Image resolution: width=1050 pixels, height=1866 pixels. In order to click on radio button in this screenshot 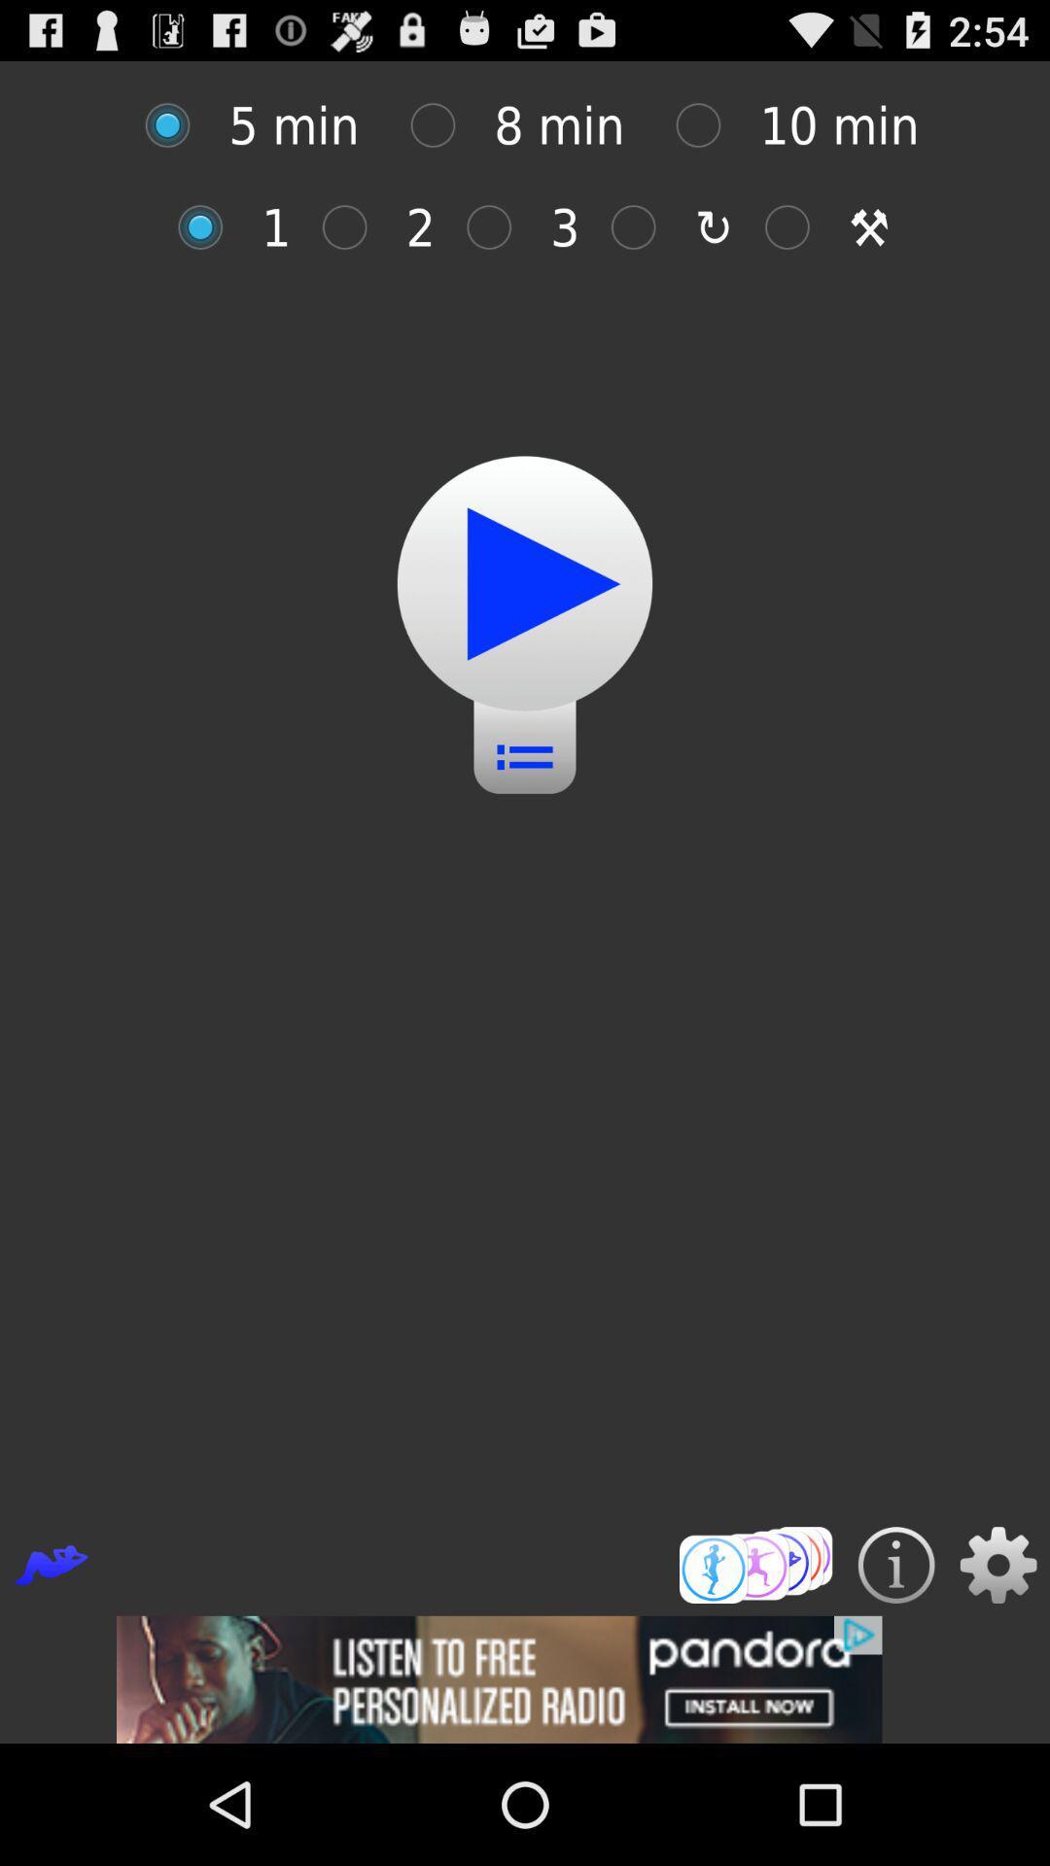, I will do `click(709, 124)`.